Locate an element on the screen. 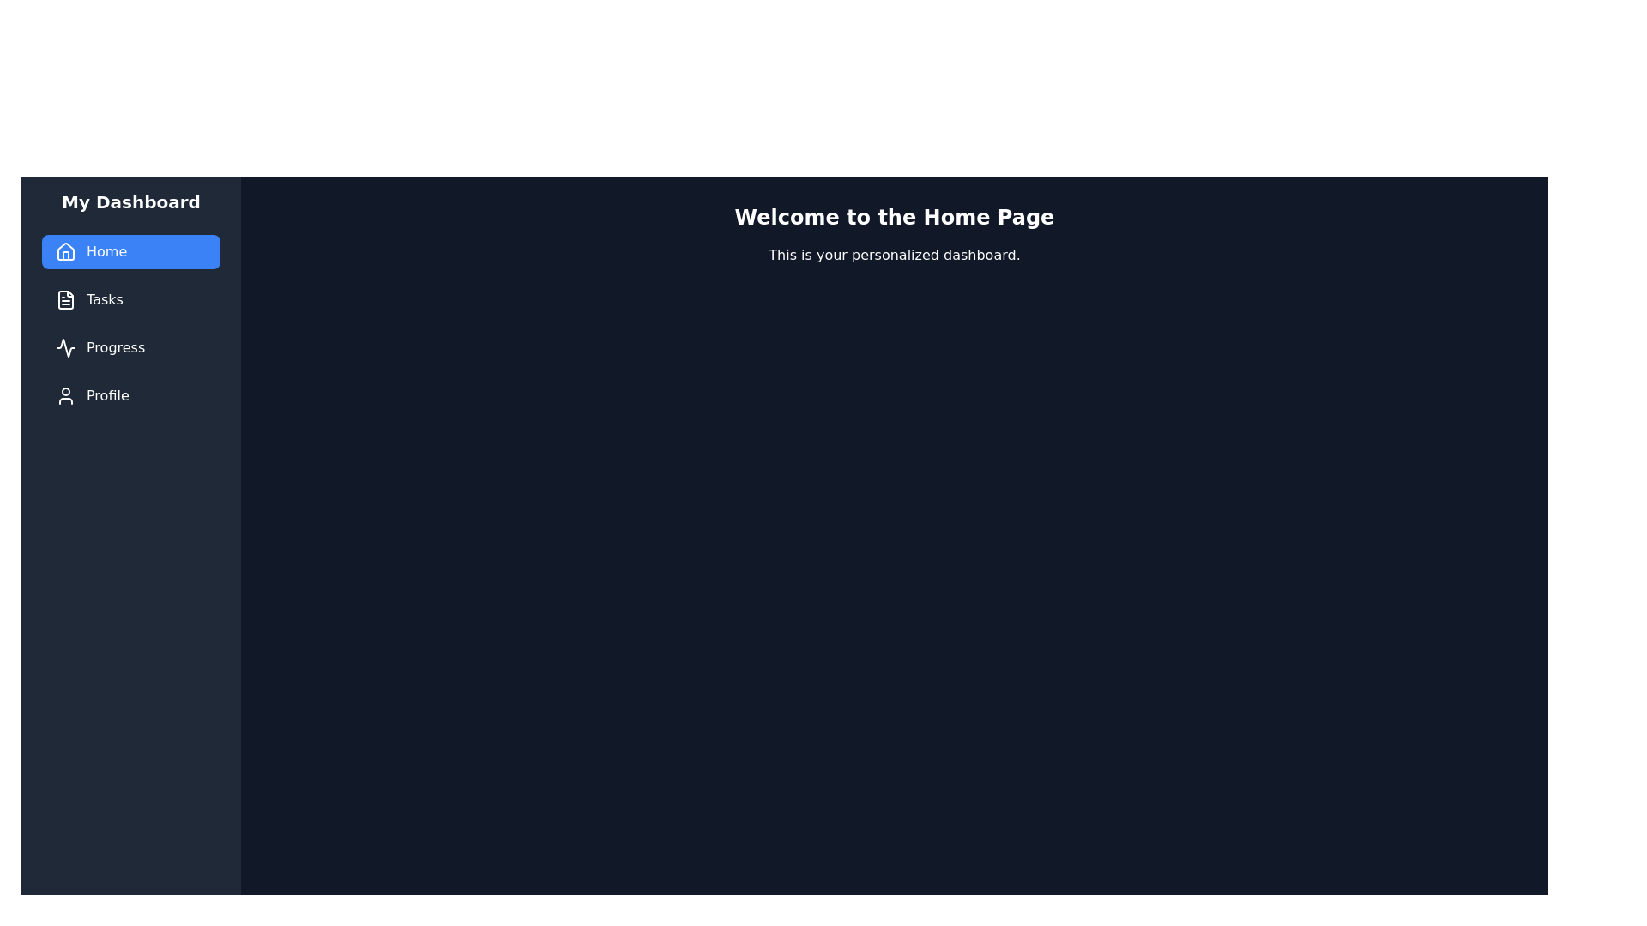  the 'Home' SVG icon located in the left-side navigation bar is located at coordinates (65, 251).